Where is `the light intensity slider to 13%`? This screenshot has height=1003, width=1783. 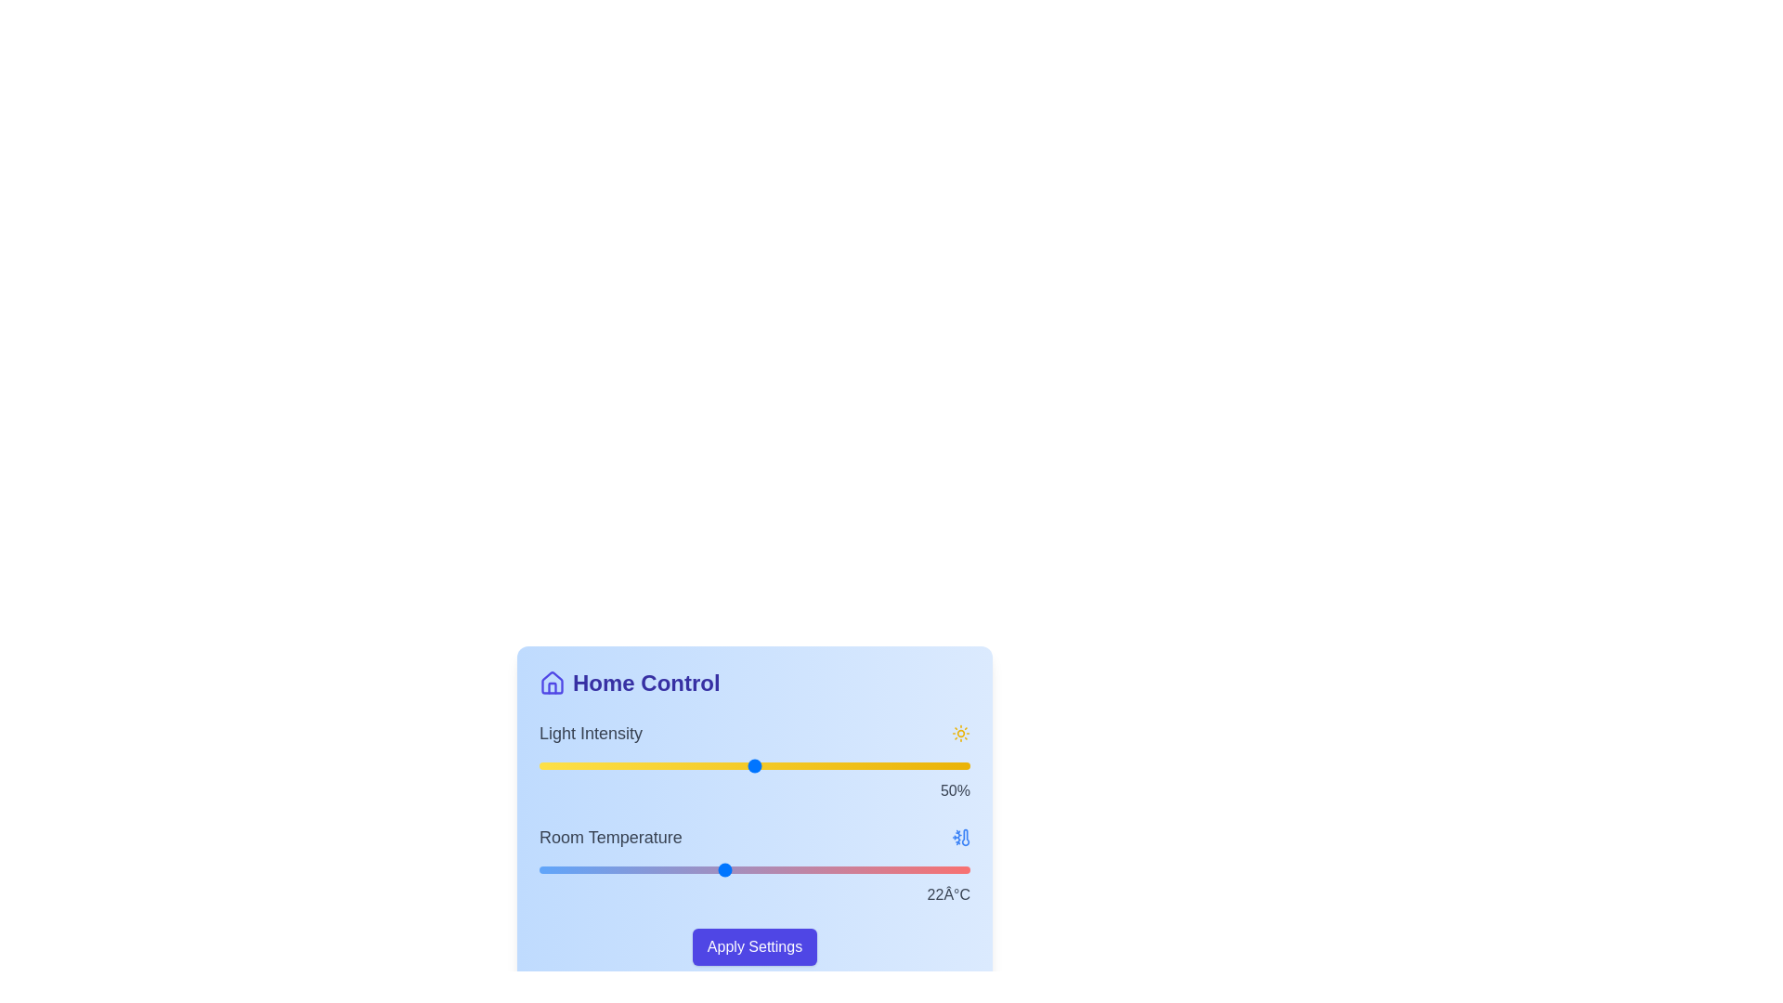 the light intensity slider to 13% is located at coordinates (595, 766).